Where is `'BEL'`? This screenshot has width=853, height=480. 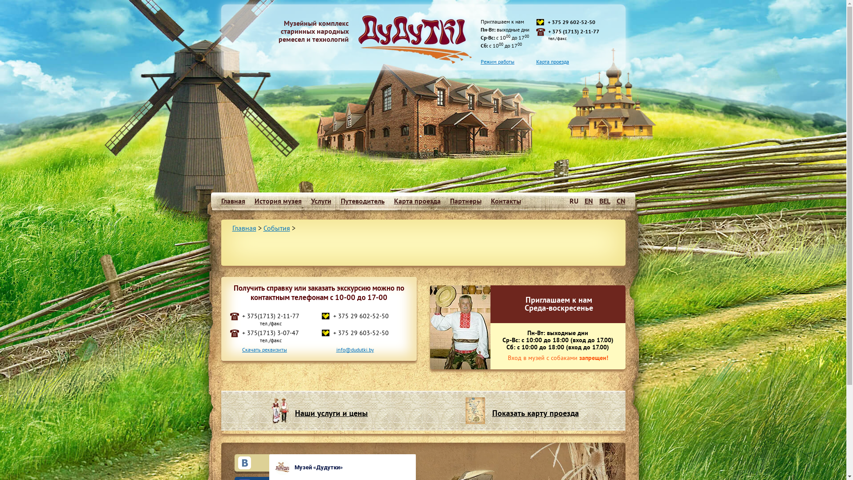 'BEL' is located at coordinates (604, 200).